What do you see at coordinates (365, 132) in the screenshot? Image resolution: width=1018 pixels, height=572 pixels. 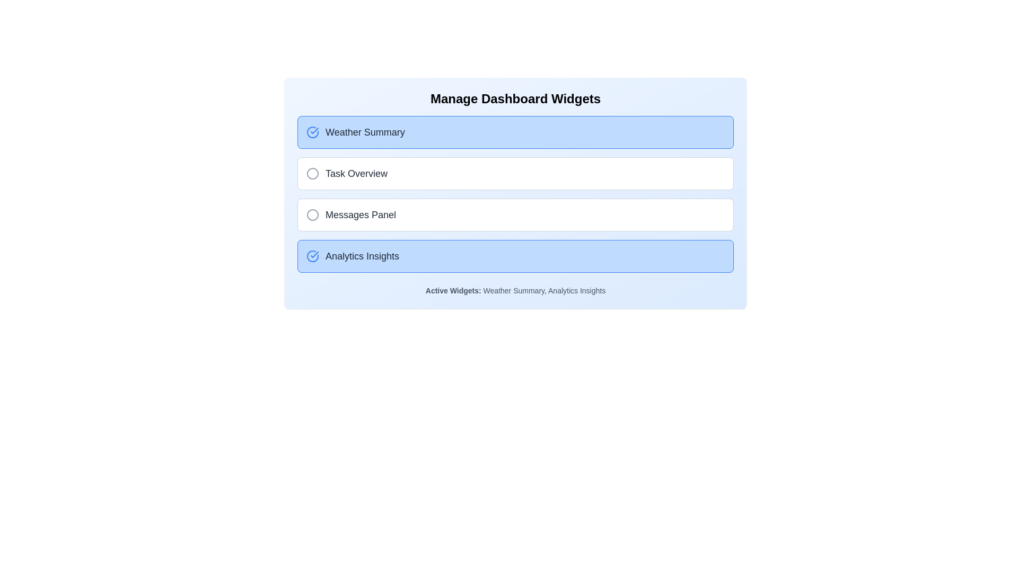 I see `title 'Weather Summary' from the text label displayed in dark gray within the topmost card of the widget list` at bounding box center [365, 132].